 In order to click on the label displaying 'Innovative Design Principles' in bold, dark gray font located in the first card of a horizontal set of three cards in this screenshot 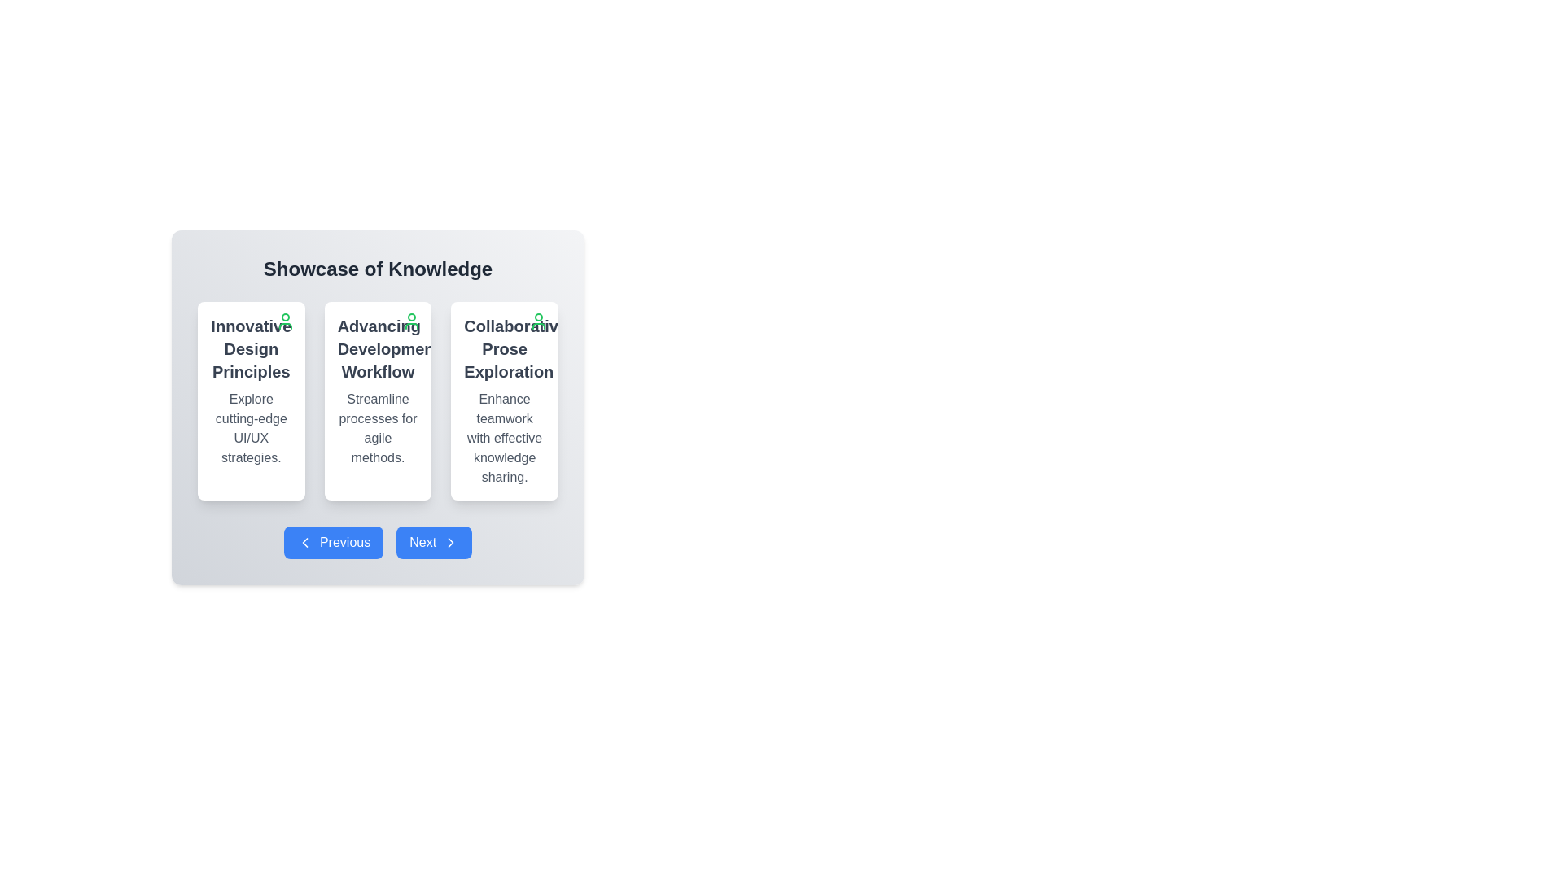, I will do `click(250, 348)`.